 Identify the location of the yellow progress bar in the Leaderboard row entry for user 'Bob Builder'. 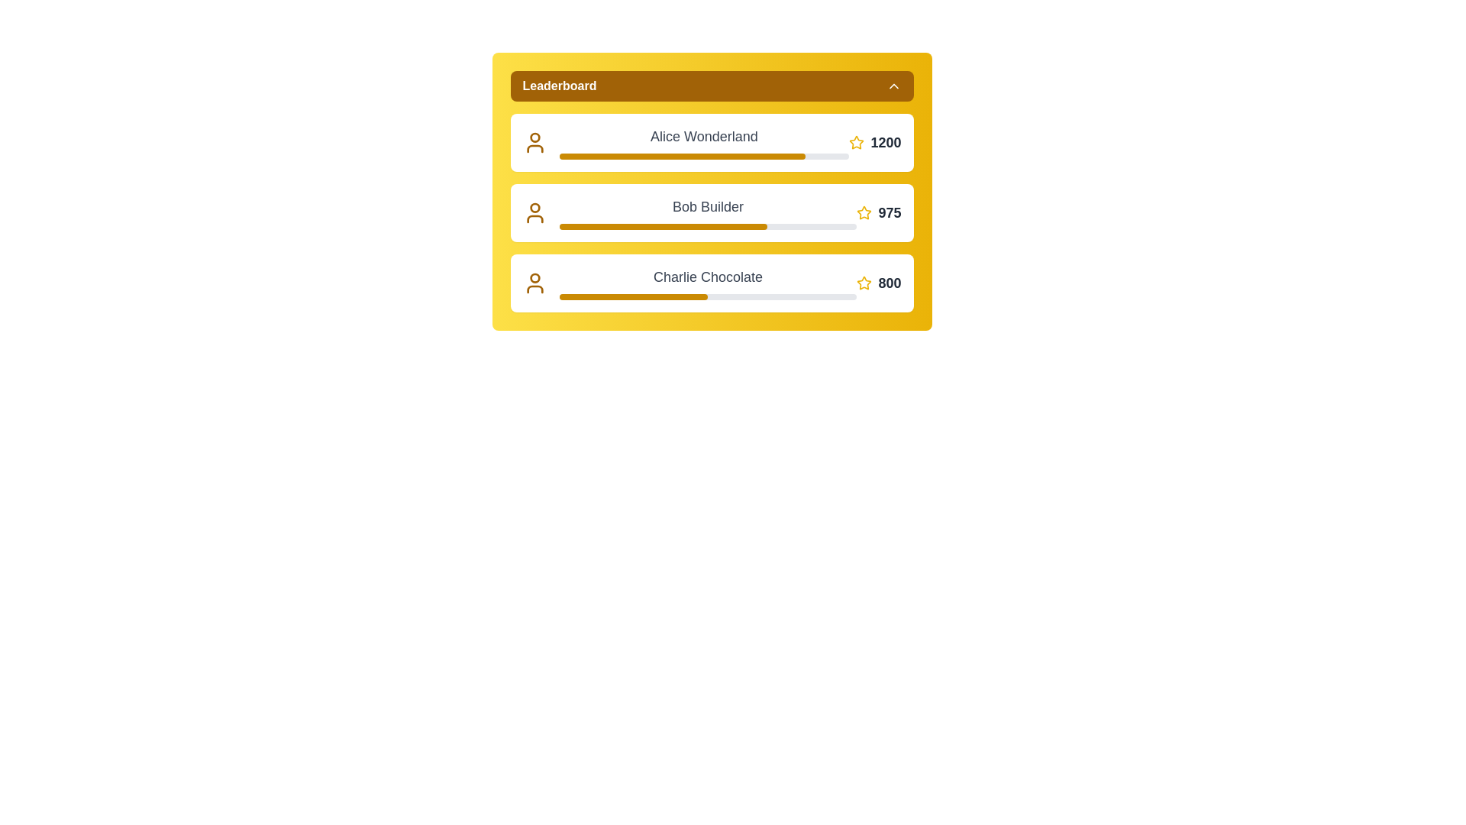
(711, 212).